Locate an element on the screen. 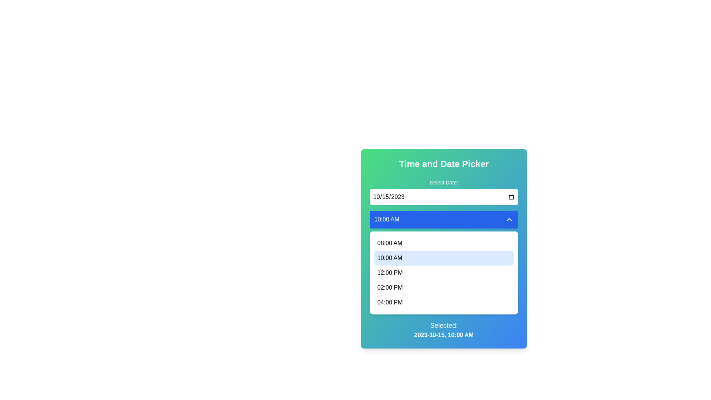 The width and height of the screenshot is (711, 400). the selectable list item displaying '10:00 AM' is located at coordinates (444, 258).